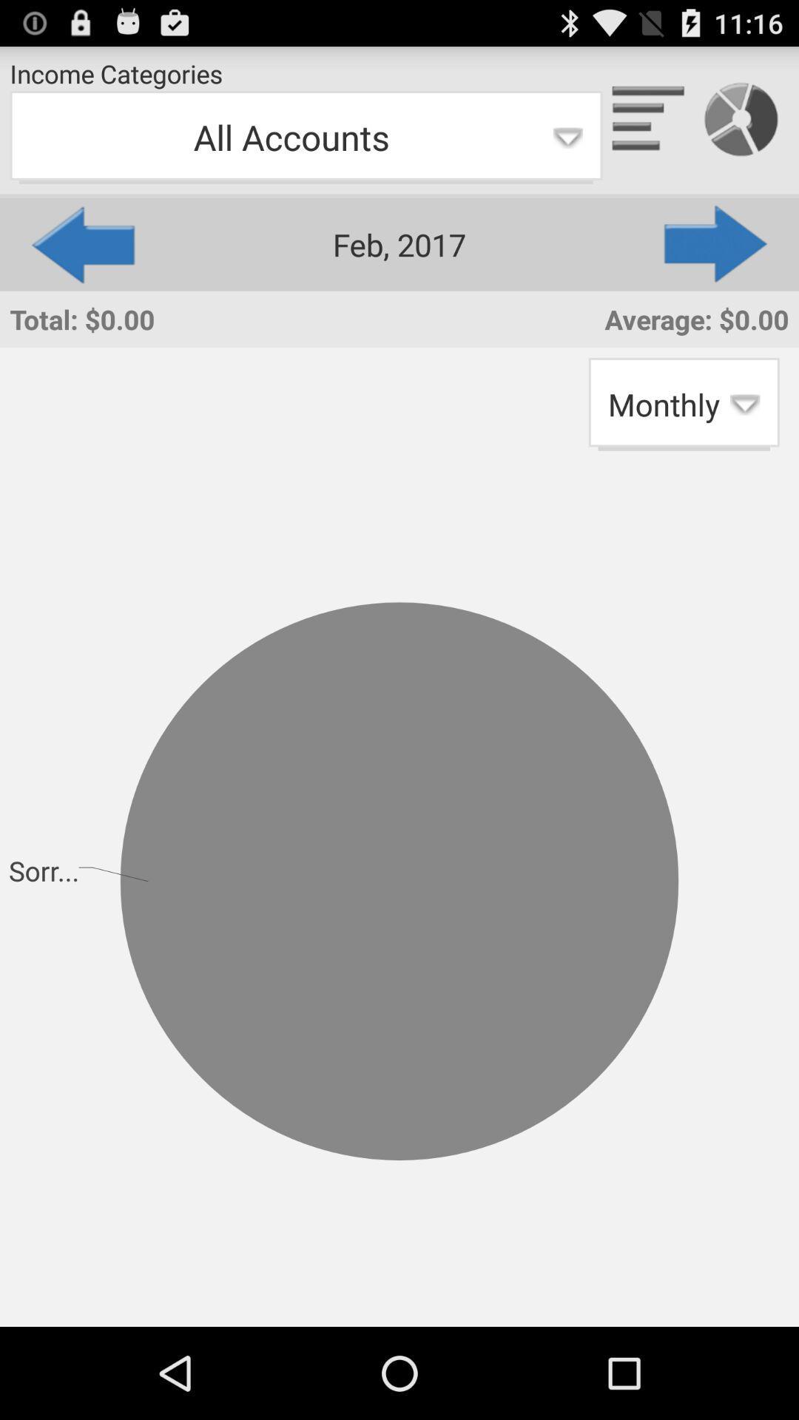 This screenshot has width=799, height=1420. What do you see at coordinates (684, 404) in the screenshot?
I see `item below average: $0.00 item` at bounding box center [684, 404].